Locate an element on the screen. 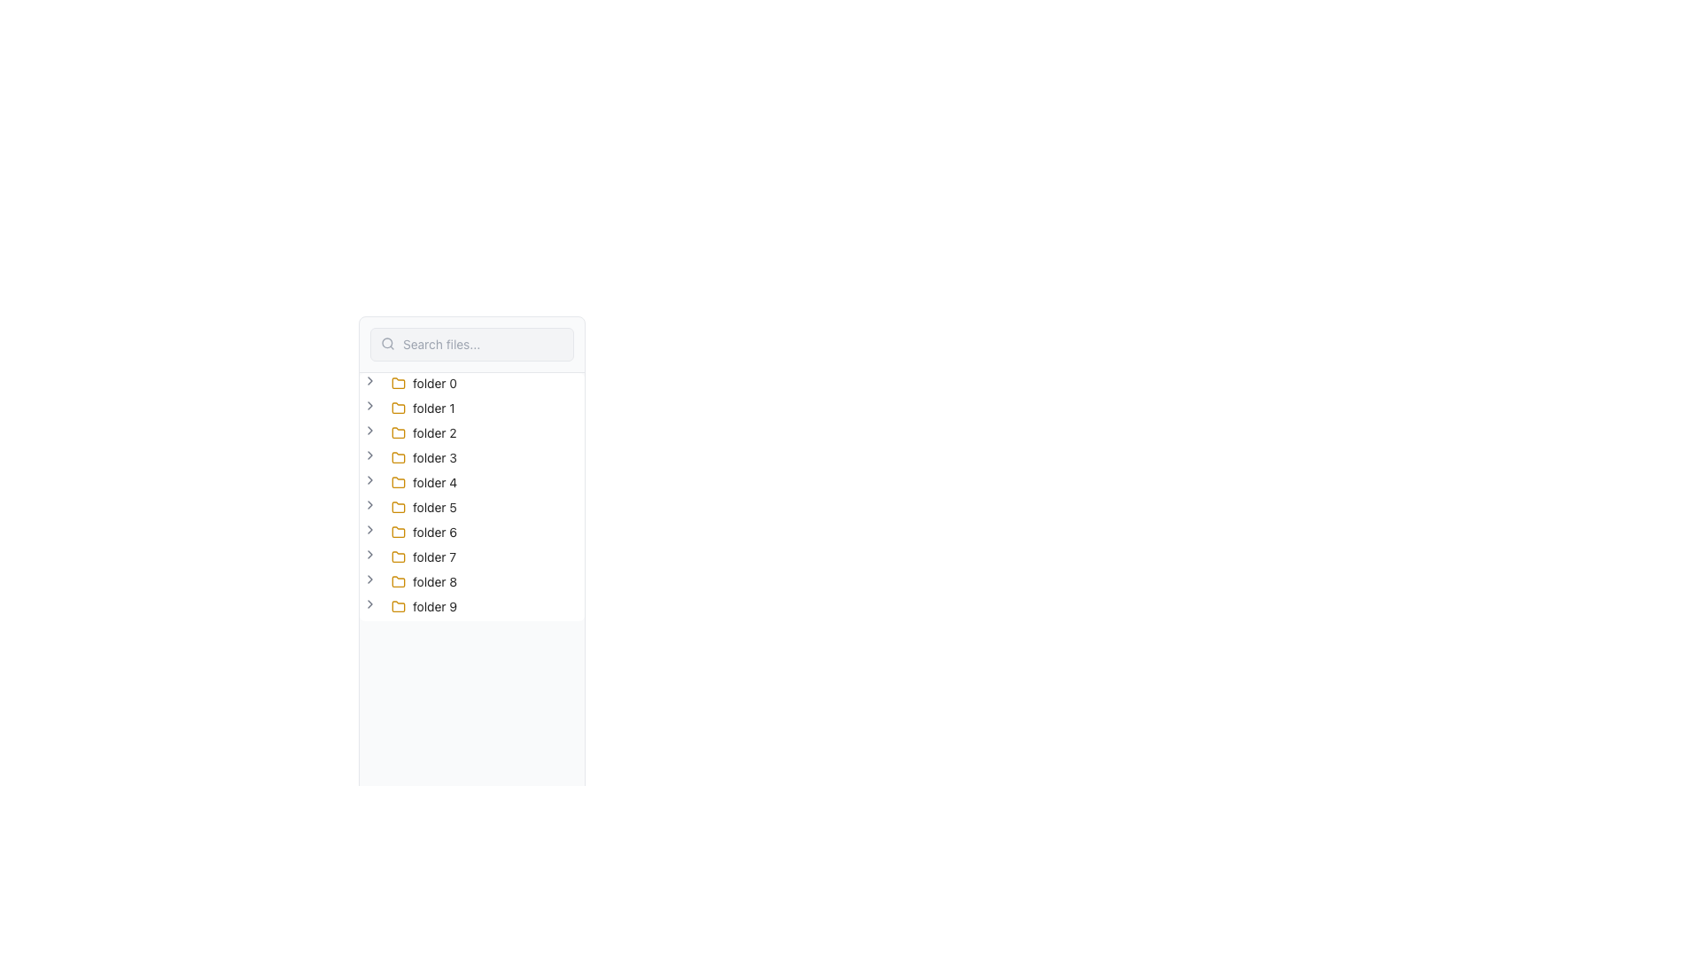 The height and width of the screenshot is (957, 1701). the right-pointing chevron toggle icon located to the left of the text label 'folder 8' is located at coordinates (369, 580).